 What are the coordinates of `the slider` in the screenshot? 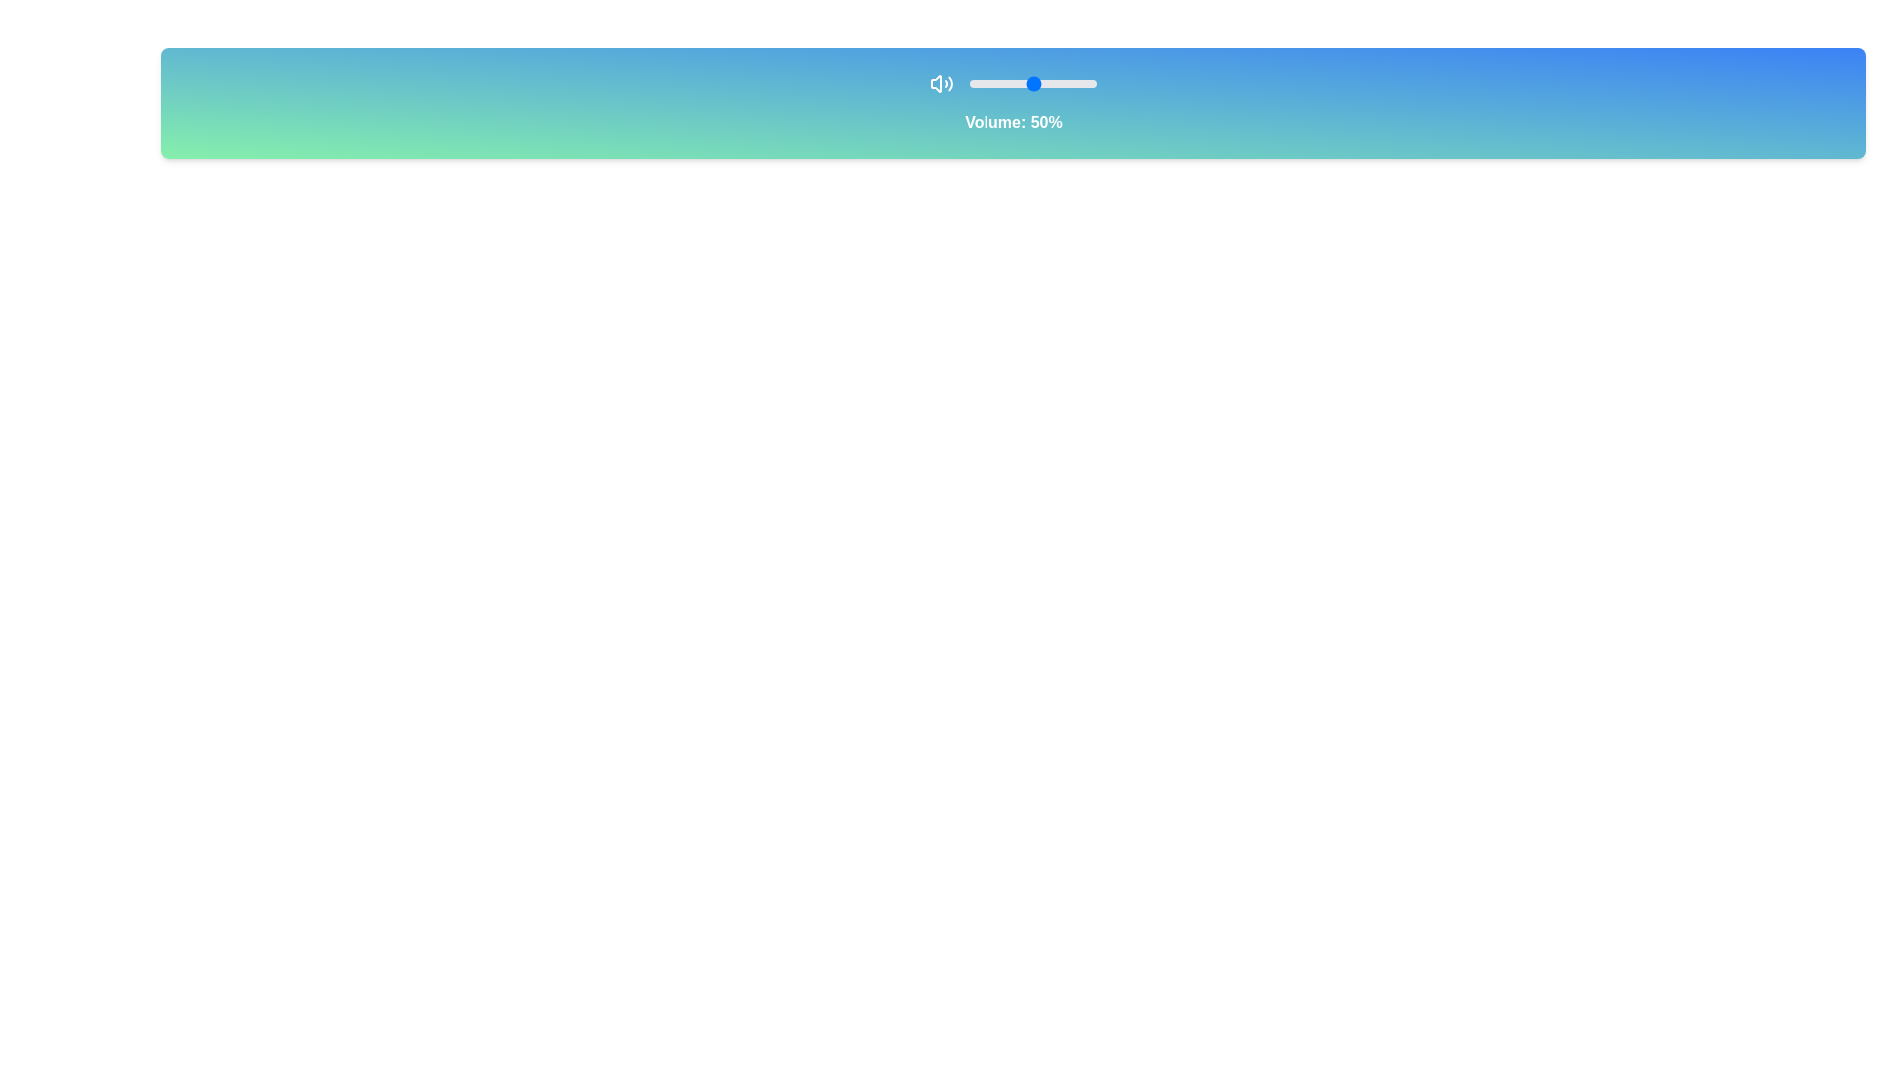 It's located at (1066, 82).